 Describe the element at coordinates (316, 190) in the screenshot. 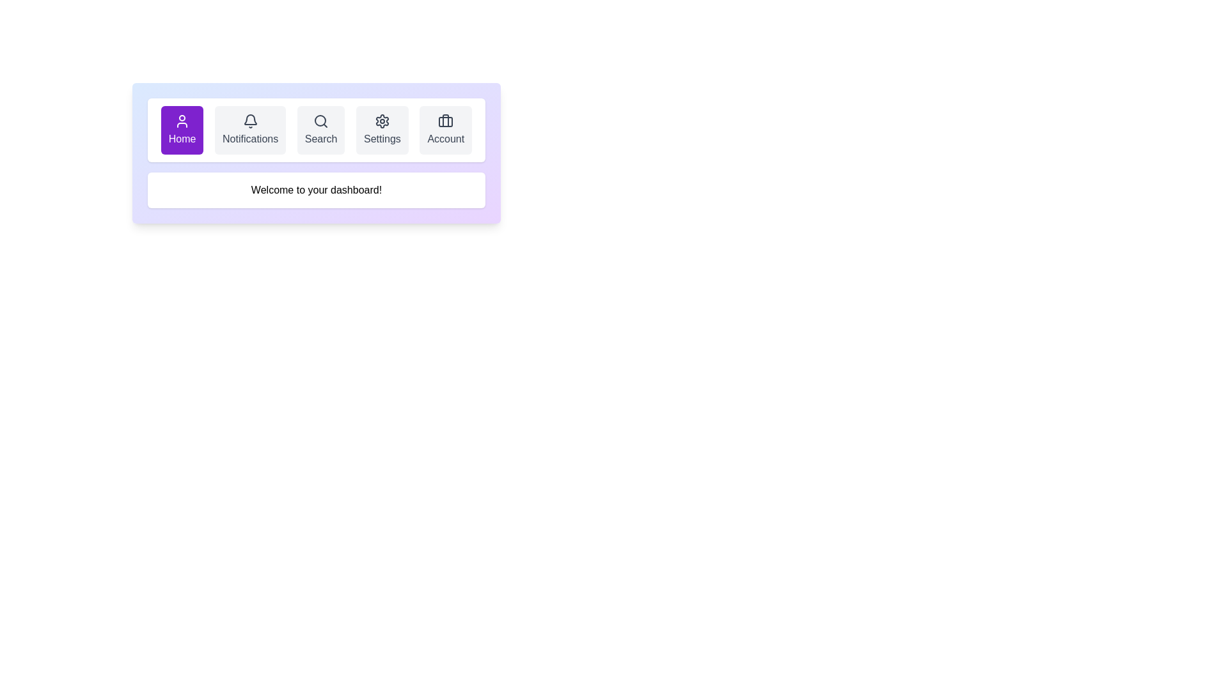

I see `the welcome message text display box that greets users on the dashboard, positioned beneath the navigation bar` at that location.